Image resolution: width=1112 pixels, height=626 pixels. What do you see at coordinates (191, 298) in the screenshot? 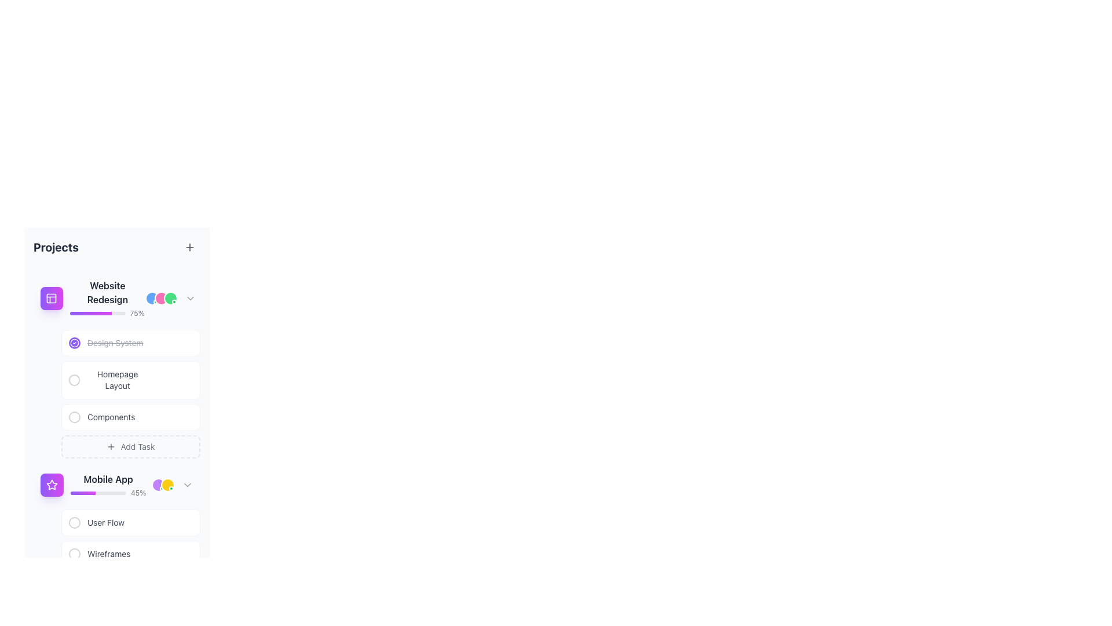
I see `the chevron icon located on the rightmost side of the 'Website Redesign' row in the 'Projects' panel` at bounding box center [191, 298].